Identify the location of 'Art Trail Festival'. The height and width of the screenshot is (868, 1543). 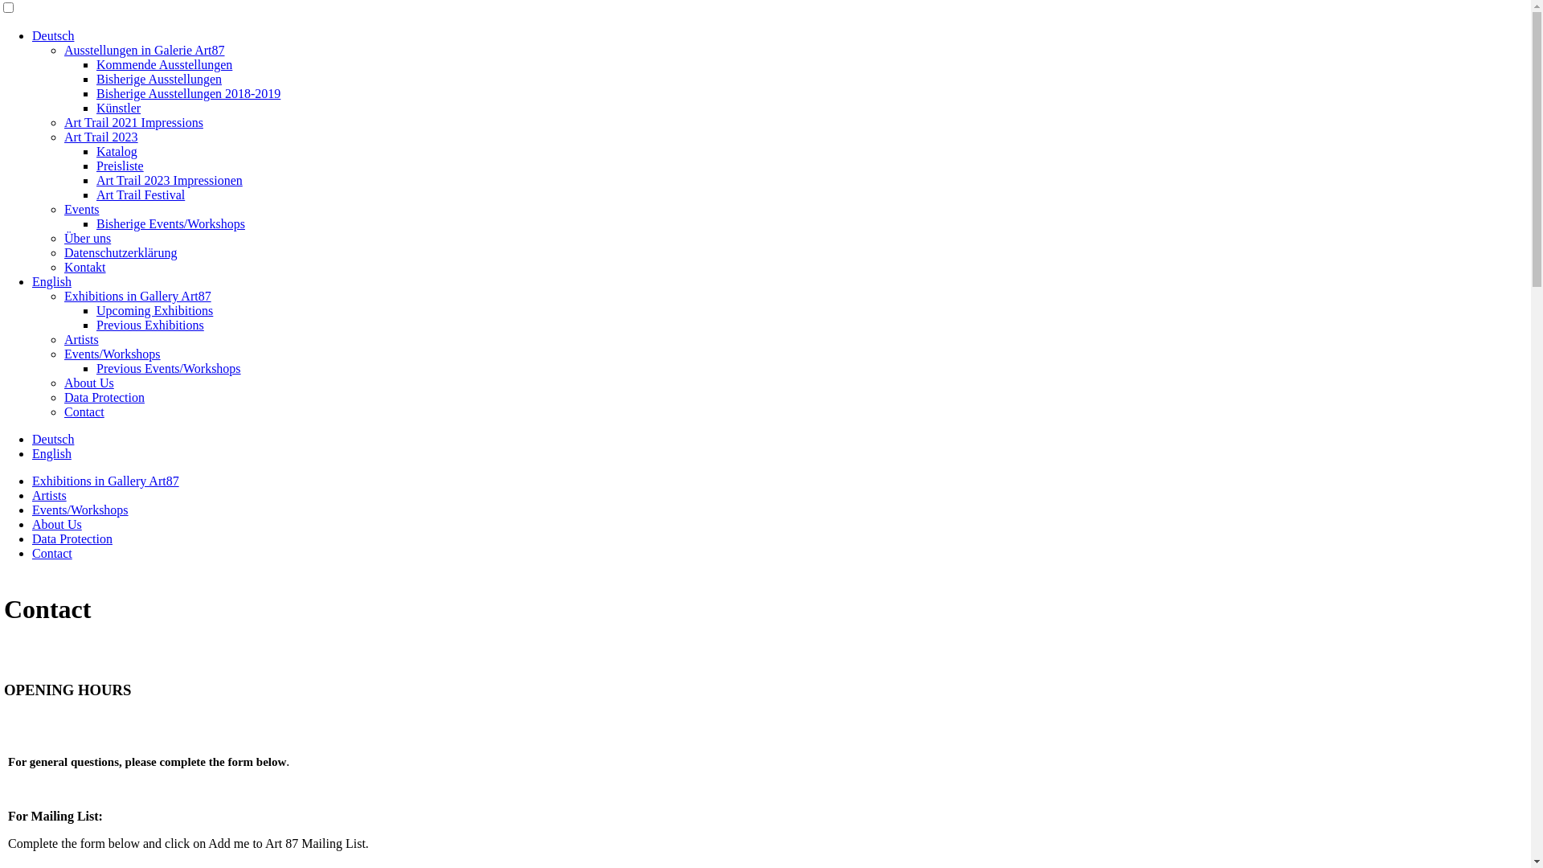
(140, 194).